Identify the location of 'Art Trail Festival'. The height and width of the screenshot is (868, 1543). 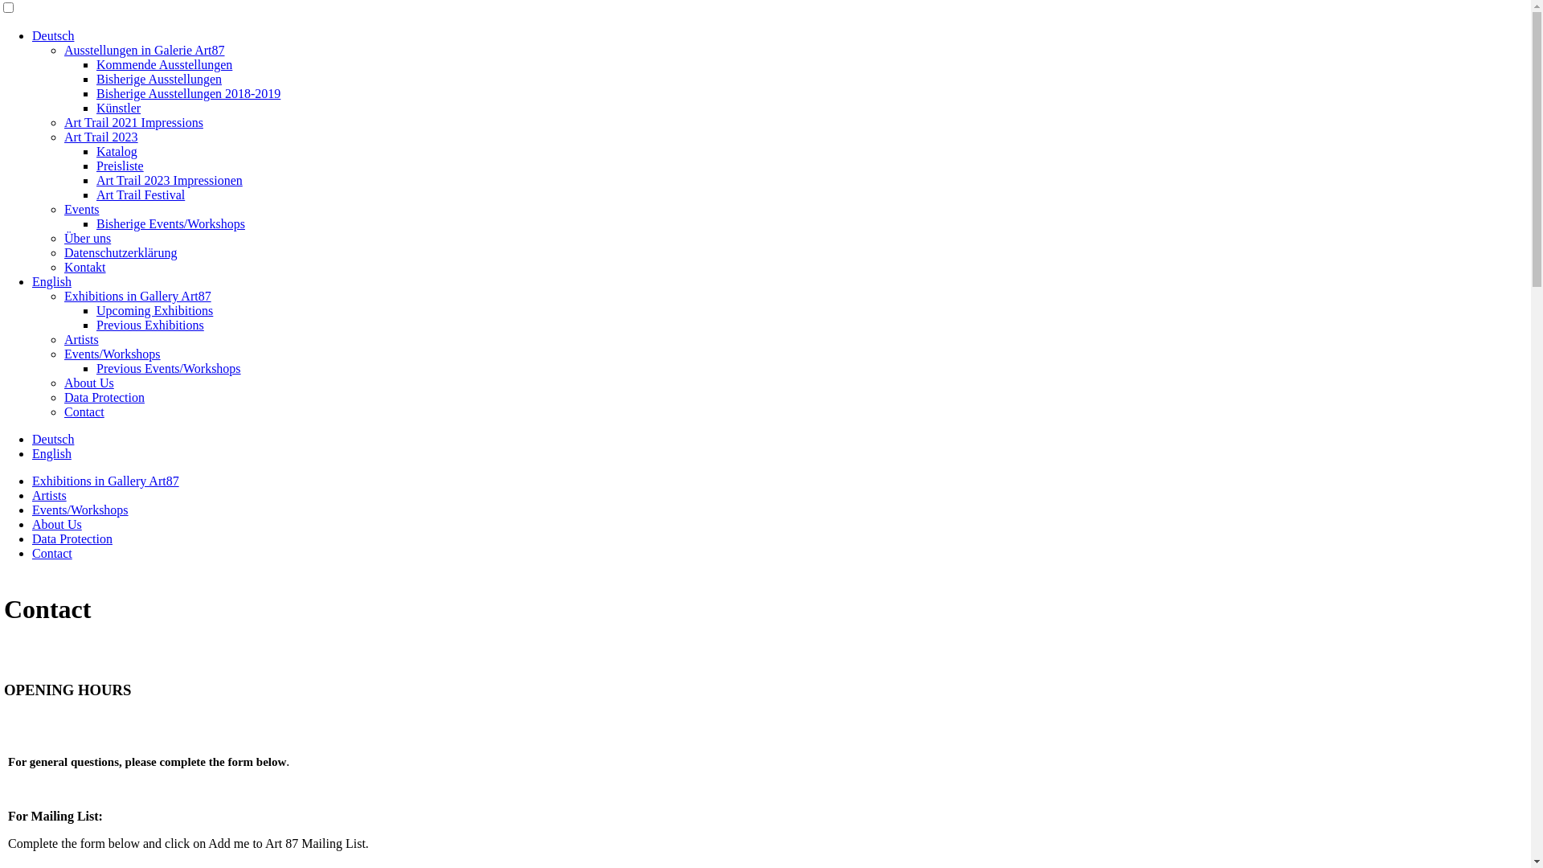
(140, 194).